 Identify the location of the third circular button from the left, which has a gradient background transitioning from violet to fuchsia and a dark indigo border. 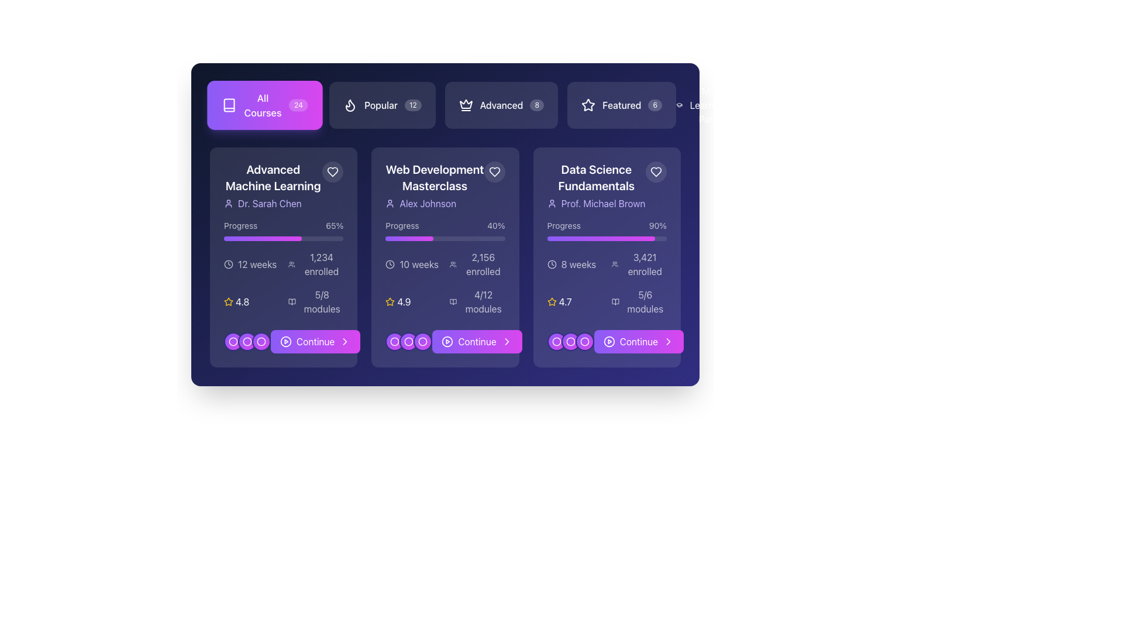
(584, 341).